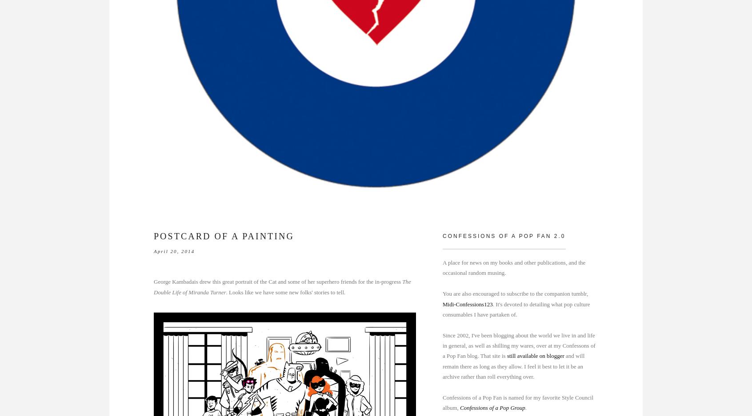 The height and width of the screenshot is (416, 752). What do you see at coordinates (153, 251) in the screenshot?
I see `'April 20, 2014'` at bounding box center [153, 251].